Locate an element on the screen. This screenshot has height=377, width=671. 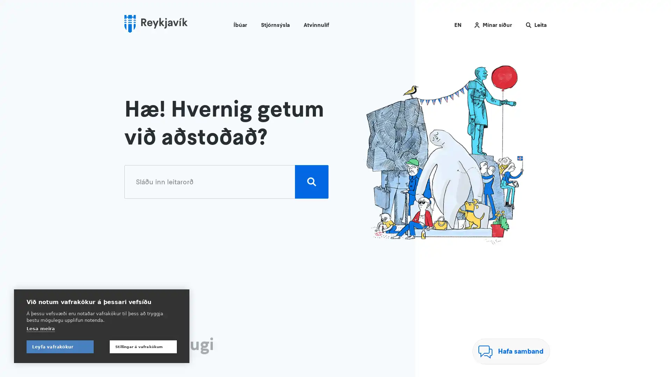
Atvinnulif is located at coordinates (316, 23).